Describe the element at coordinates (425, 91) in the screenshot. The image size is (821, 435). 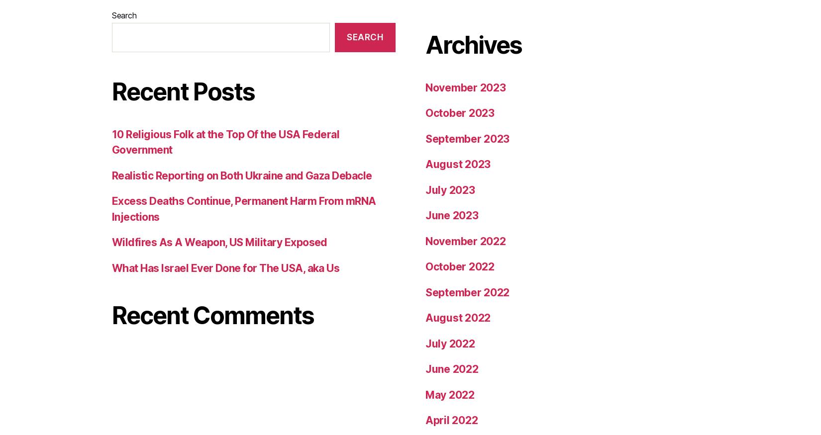
I see `'May 2022'` at that location.